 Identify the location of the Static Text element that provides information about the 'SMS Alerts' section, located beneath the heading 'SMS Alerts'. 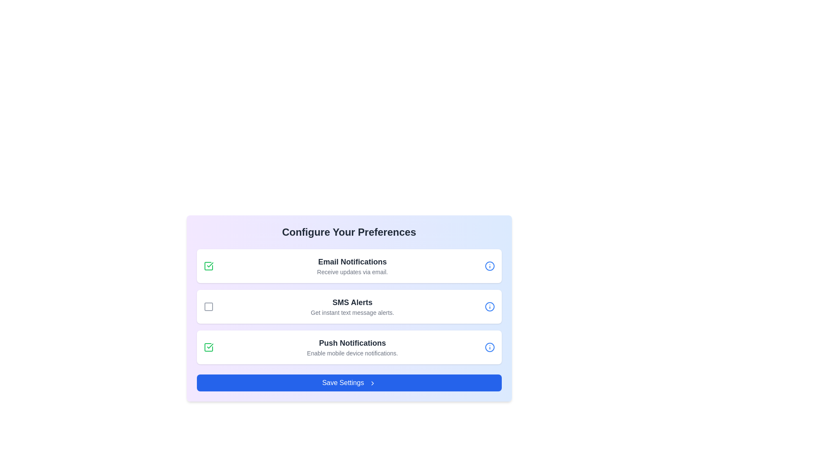
(352, 313).